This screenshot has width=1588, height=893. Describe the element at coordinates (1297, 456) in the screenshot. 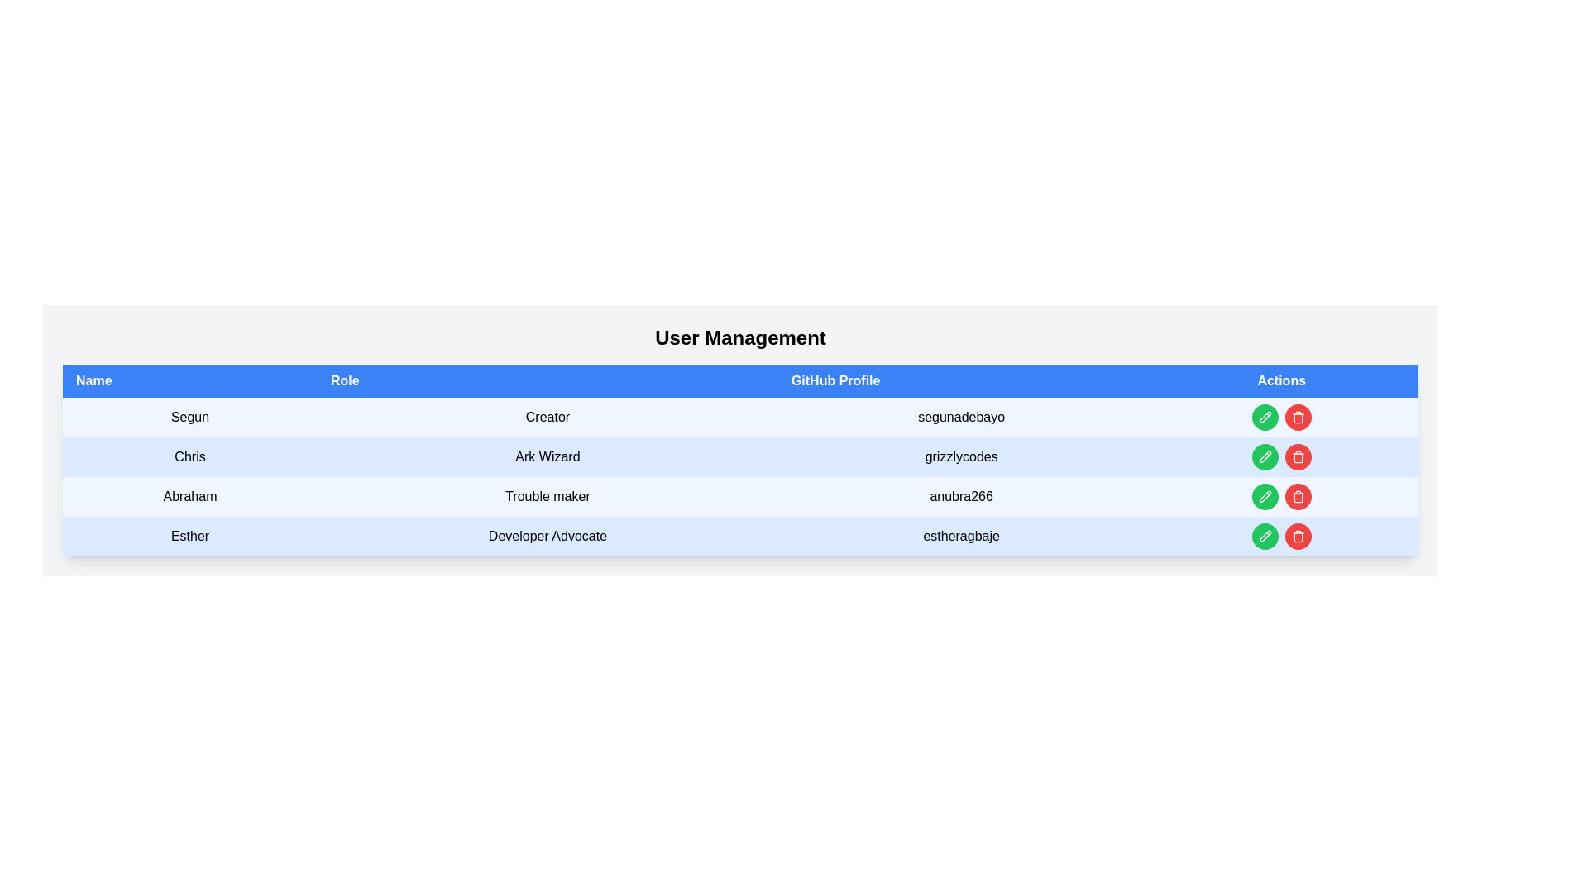

I see `the delete button in the 'Actions' column of the table row for 'Chris'` at that location.